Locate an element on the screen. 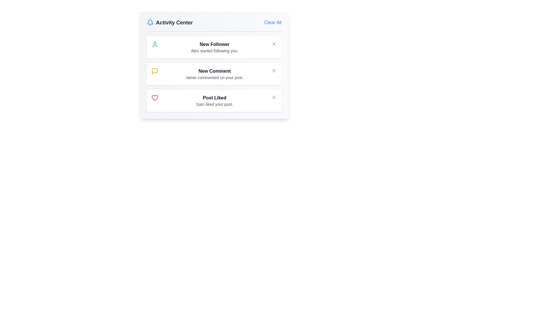 The width and height of the screenshot is (558, 314). the circular user profile silhouette icon with a green outline, located within the 'New Follower' notification card is located at coordinates (155, 44).